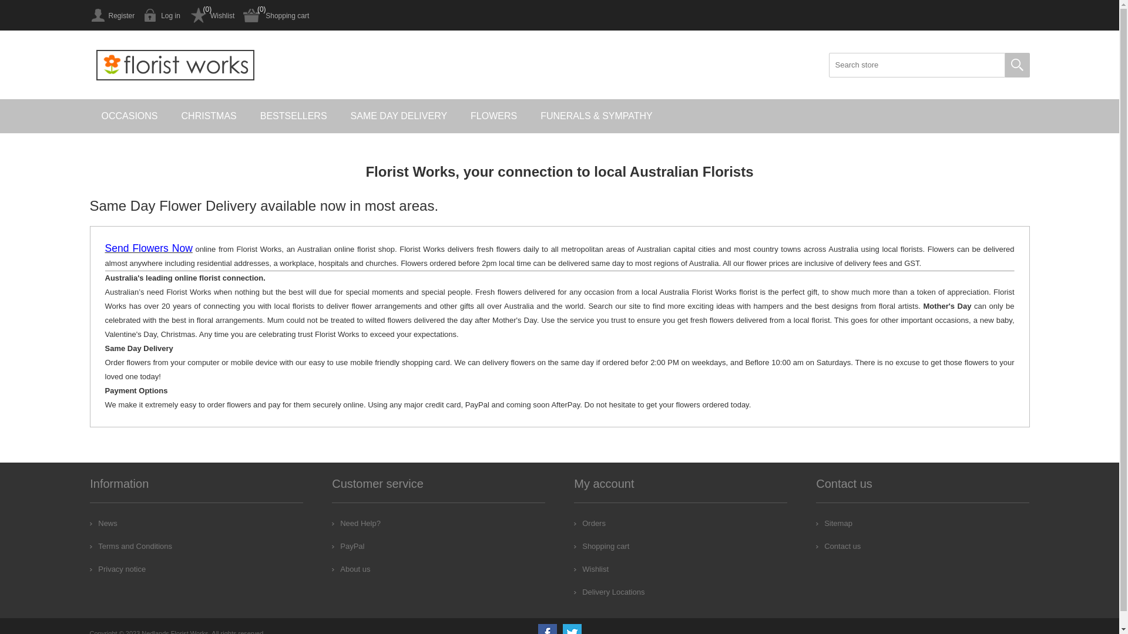 The height and width of the screenshot is (634, 1128). I want to click on 'Privacy notice', so click(117, 568).